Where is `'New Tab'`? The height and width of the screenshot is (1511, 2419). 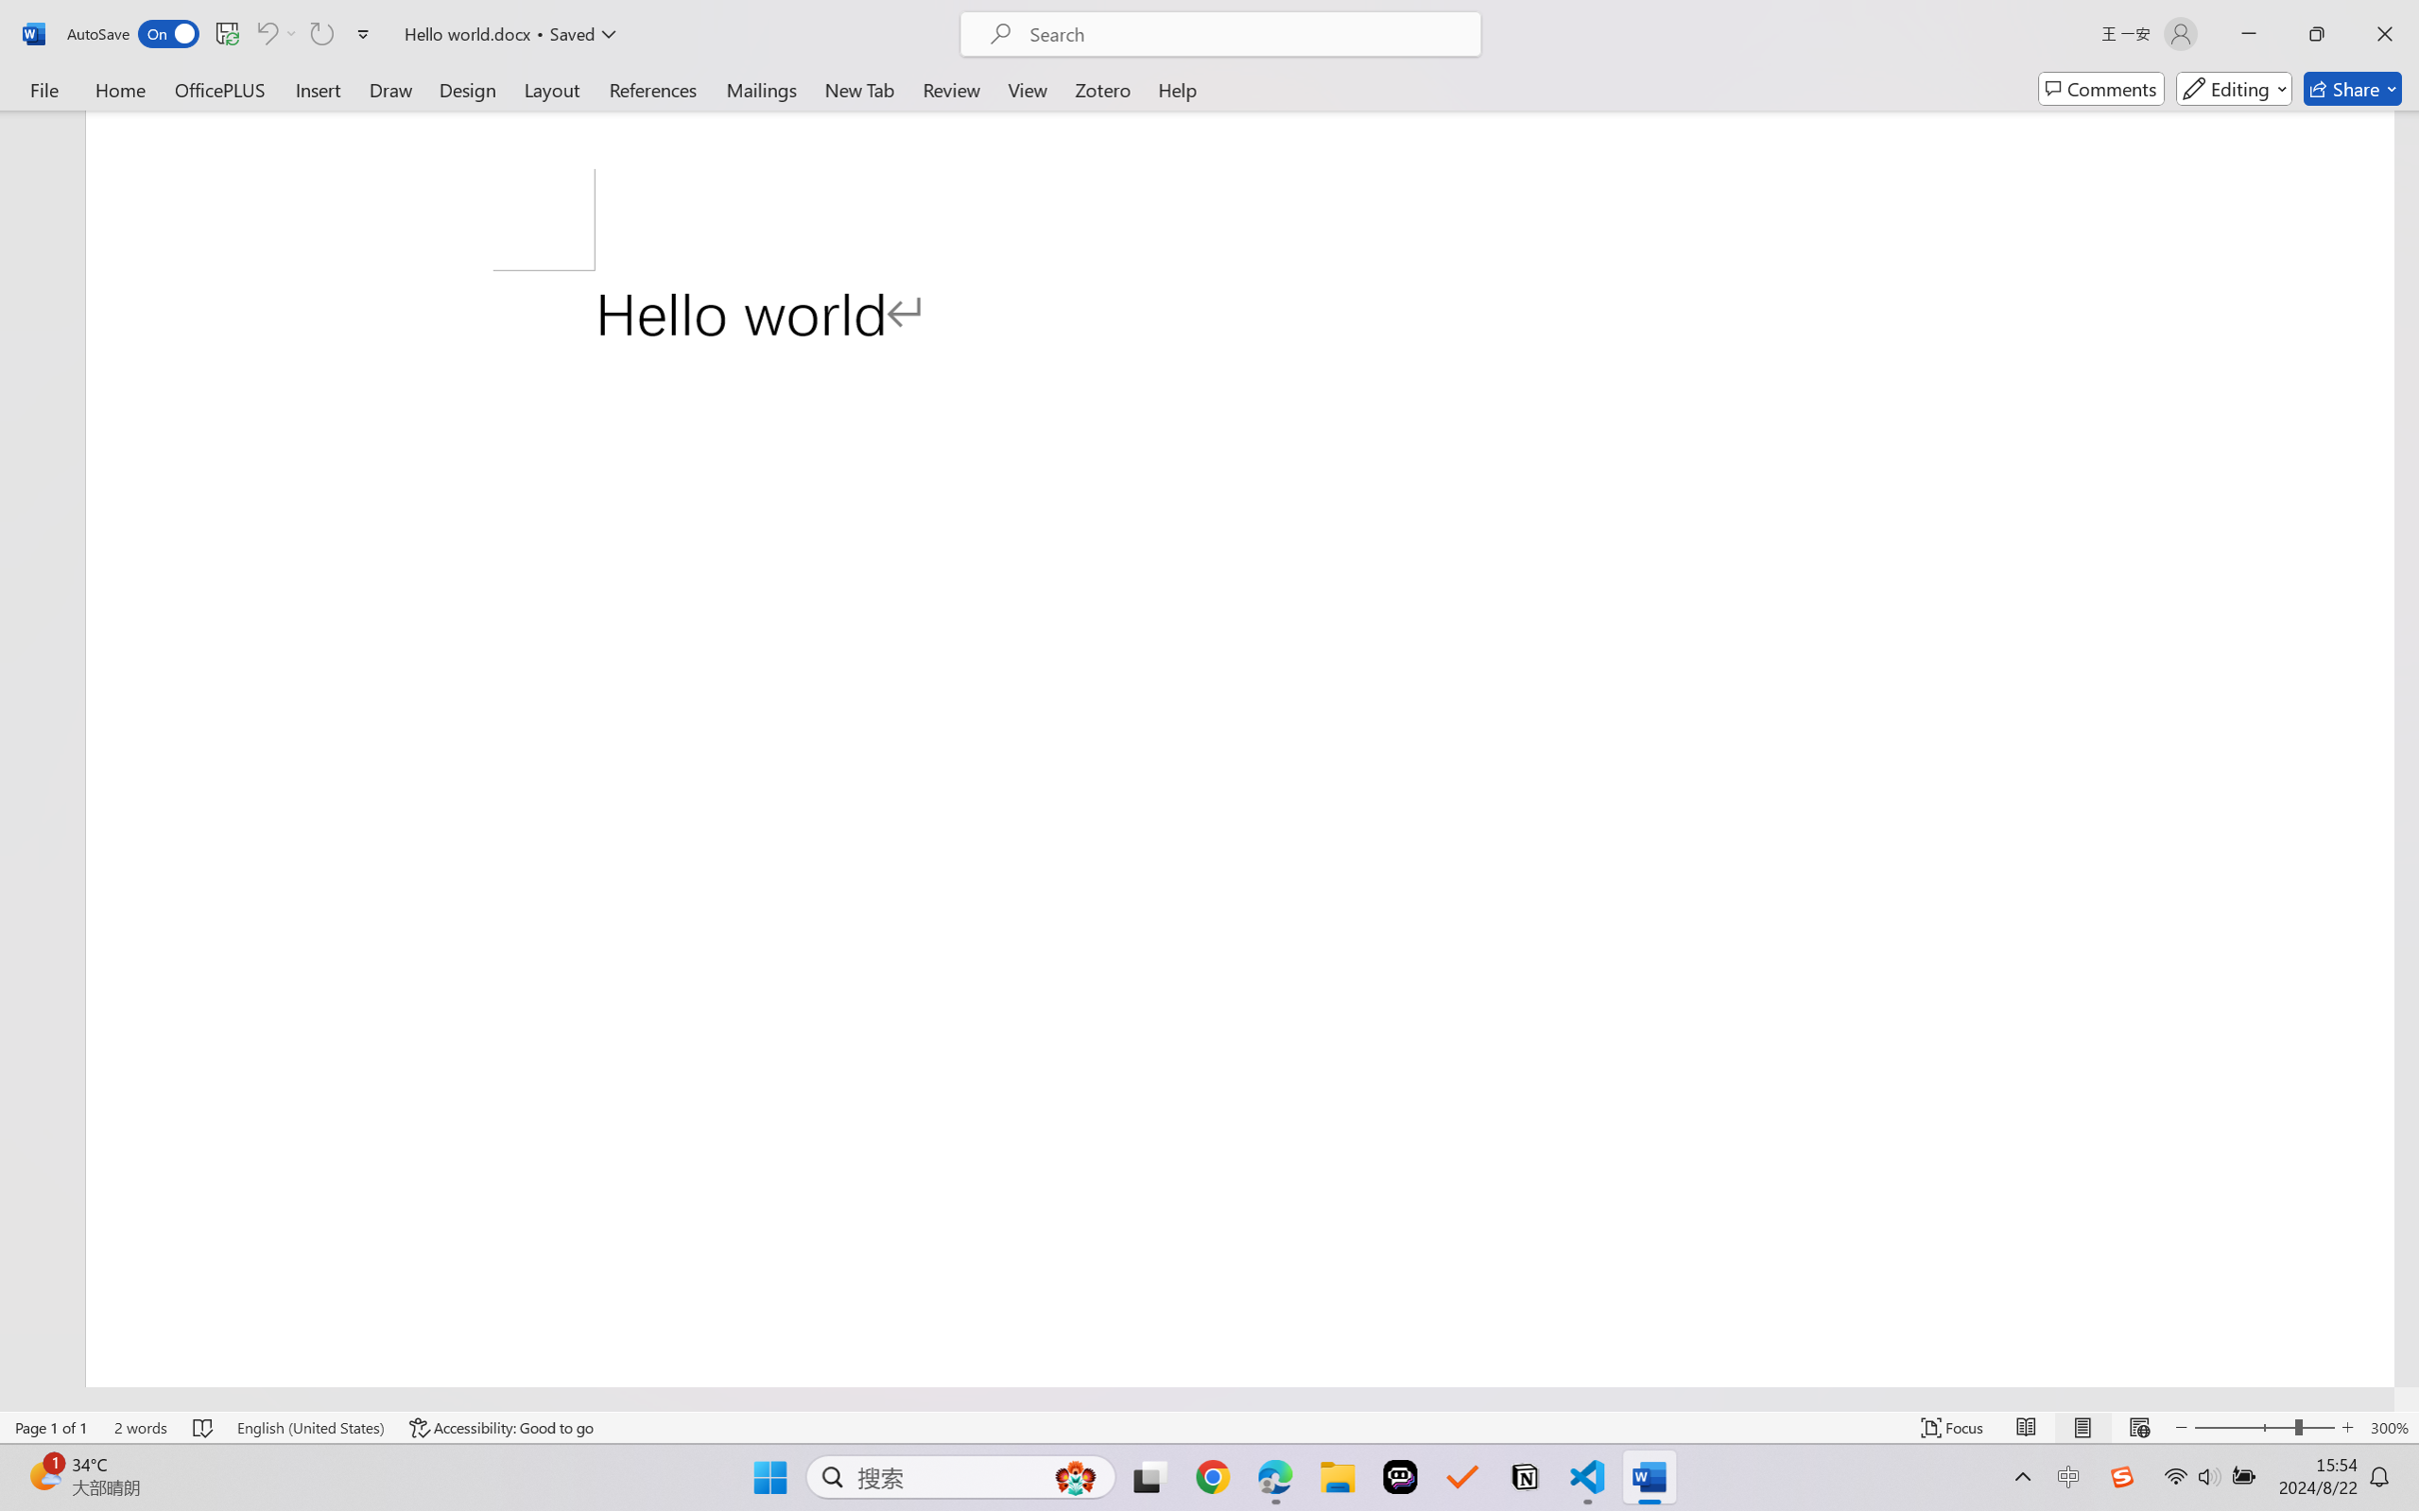
'New Tab' is located at coordinates (859, 88).